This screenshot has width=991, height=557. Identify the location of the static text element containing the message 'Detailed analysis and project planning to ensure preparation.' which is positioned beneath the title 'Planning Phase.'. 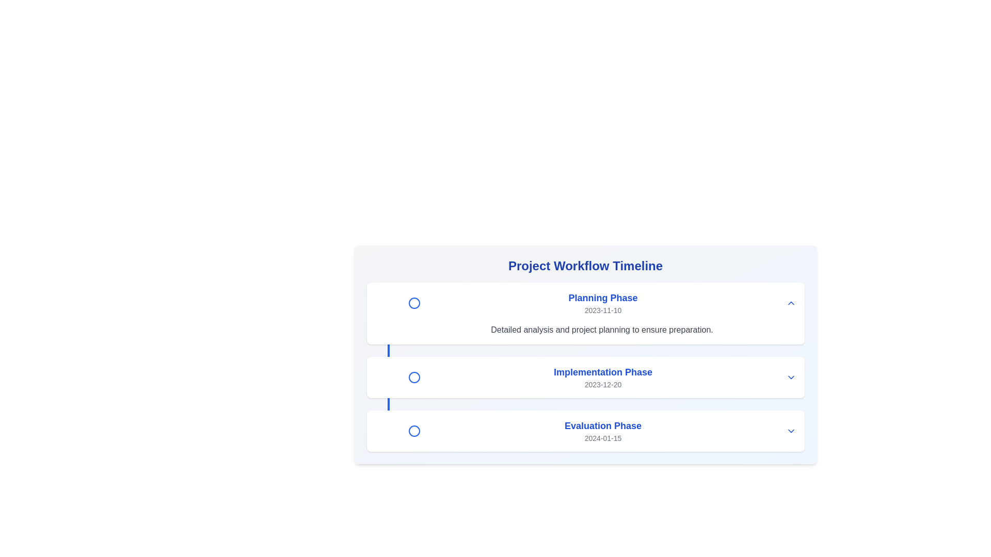
(602, 330).